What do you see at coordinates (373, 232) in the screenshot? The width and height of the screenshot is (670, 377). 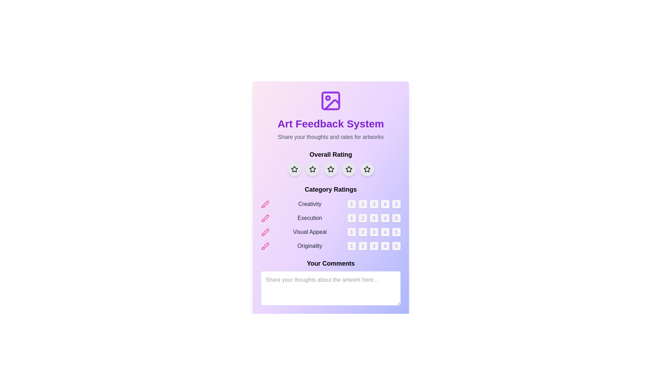 I see `the circular button with a light gray background and a purple numeral '3'` at bounding box center [373, 232].